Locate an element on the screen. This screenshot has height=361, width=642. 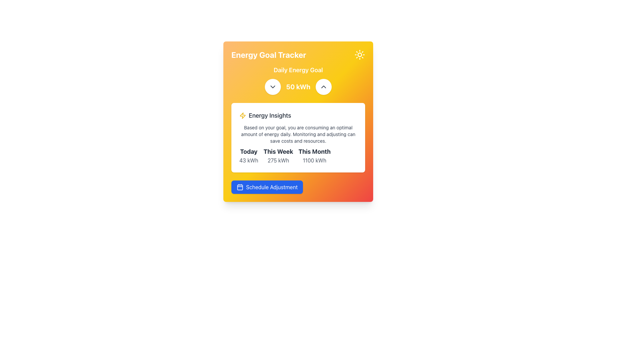
the Text heading that serves as a title for the daily energy consumption goal, located centrally above the numerical energy display ('50 kWh') is located at coordinates (298, 70).